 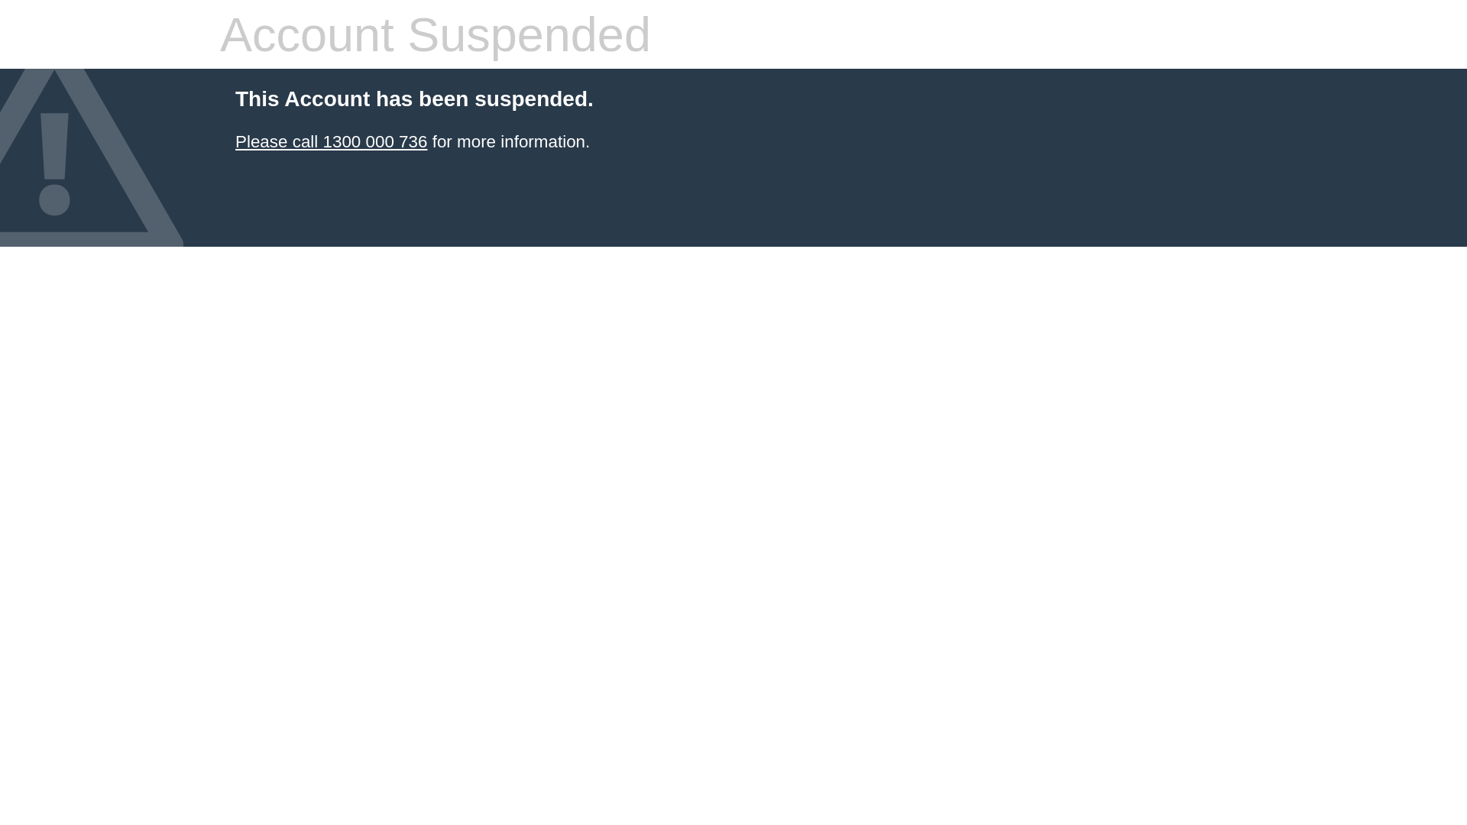 What do you see at coordinates (330, 141) in the screenshot?
I see `'Please call 1300 000 736'` at bounding box center [330, 141].